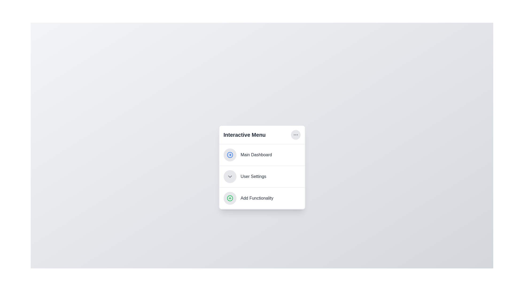 This screenshot has width=513, height=289. What do you see at coordinates (262, 155) in the screenshot?
I see `the menu item corresponding to Main Dashboard` at bounding box center [262, 155].